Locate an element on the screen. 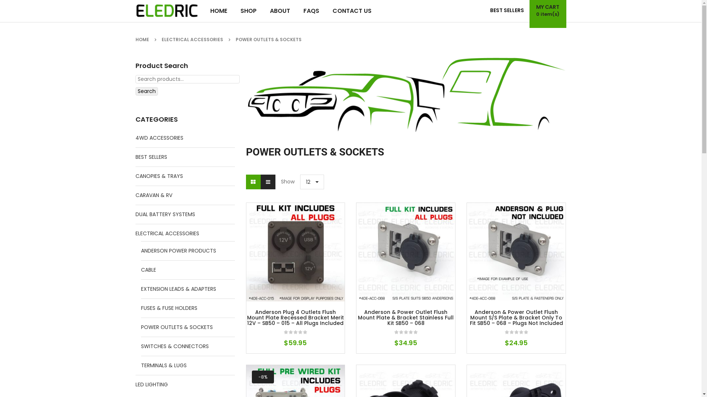 This screenshot has height=397, width=707. 'FUSES & FUSE HOLDERS' is located at coordinates (141, 308).